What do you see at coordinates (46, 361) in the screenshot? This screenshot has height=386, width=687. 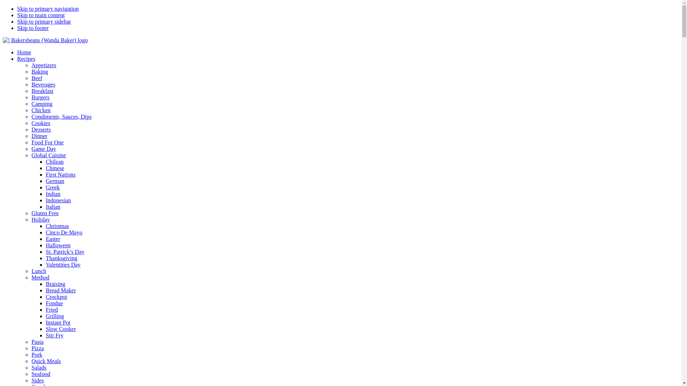 I see `'Quick Meals'` at bounding box center [46, 361].